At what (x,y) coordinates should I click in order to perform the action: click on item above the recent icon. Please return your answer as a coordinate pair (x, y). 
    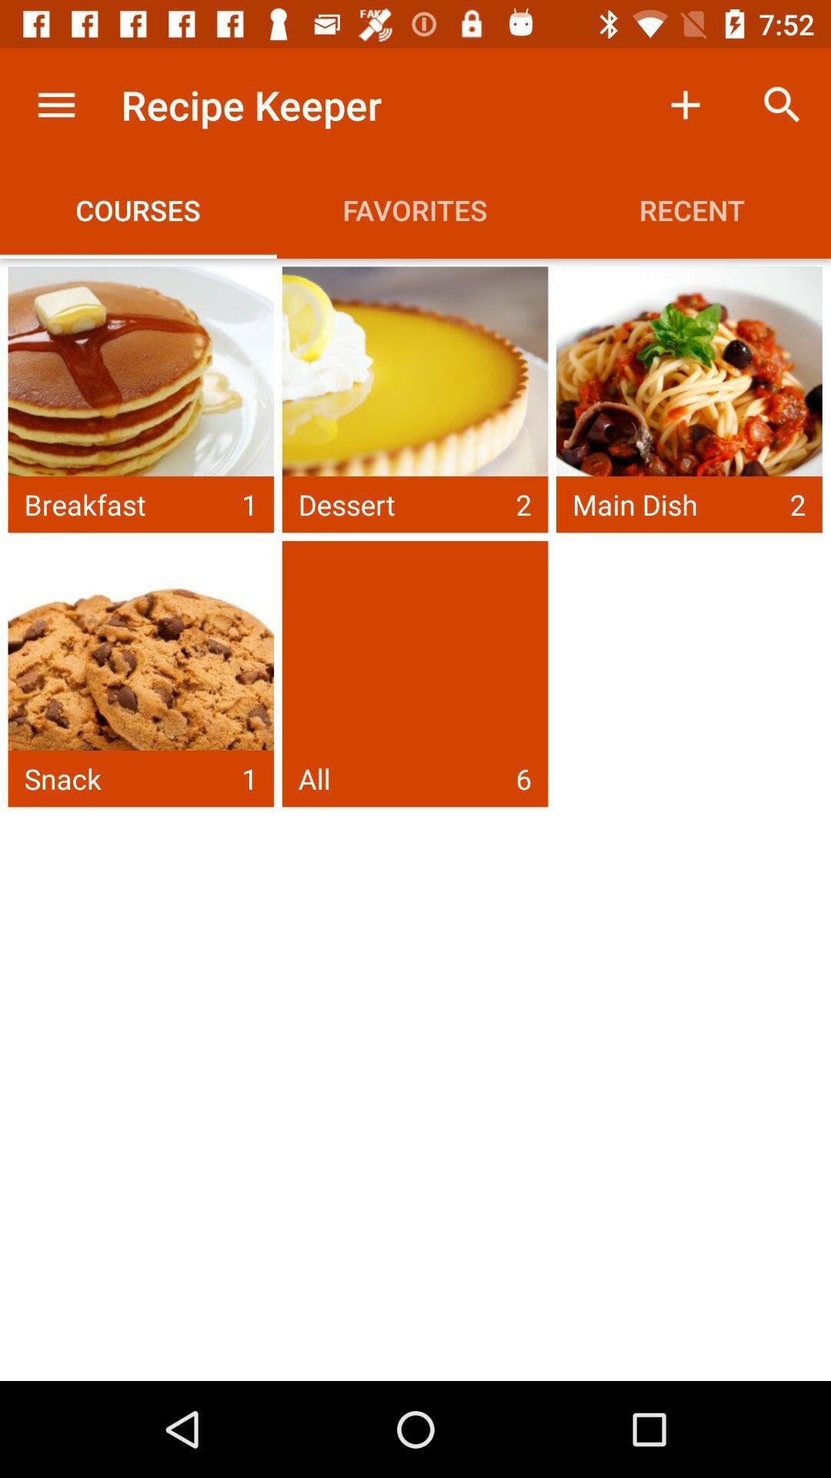
    Looking at the image, I should click on (783, 104).